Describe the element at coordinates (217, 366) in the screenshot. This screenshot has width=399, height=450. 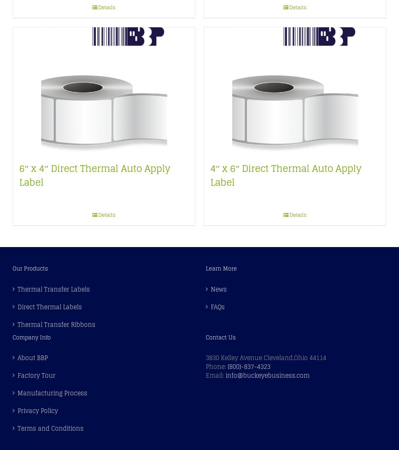
I see `'Phone:'` at that location.